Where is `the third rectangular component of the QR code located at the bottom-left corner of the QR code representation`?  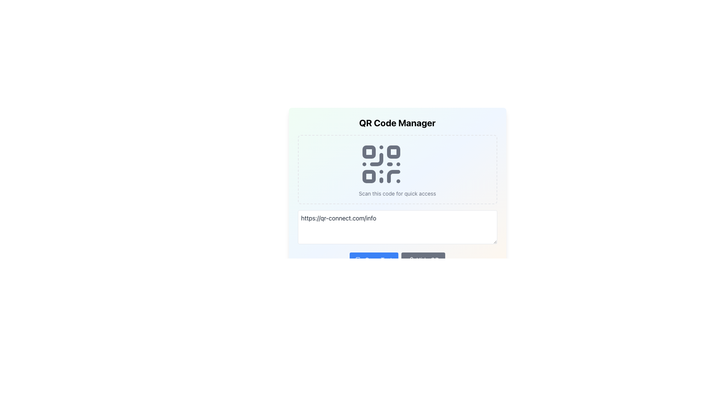
the third rectangular component of the QR code located at the bottom-left corner of the QR code representation is located at coordinates (369, 176).